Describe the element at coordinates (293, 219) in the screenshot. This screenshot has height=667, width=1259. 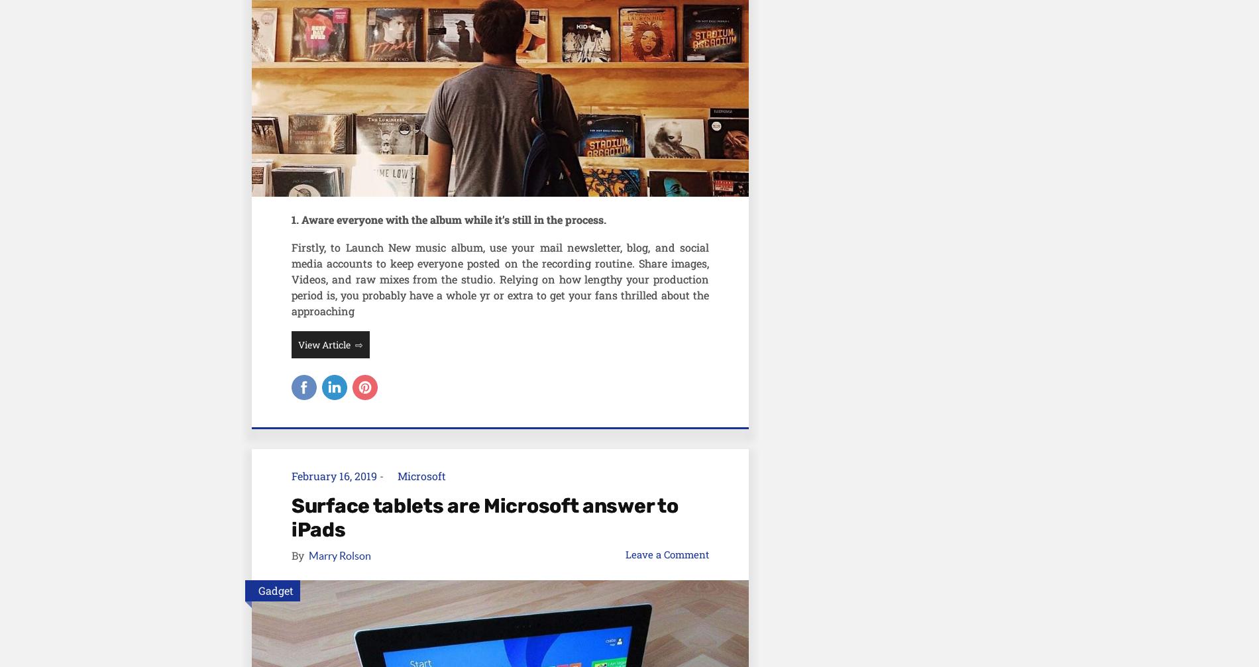
I see `'1'` at that location.